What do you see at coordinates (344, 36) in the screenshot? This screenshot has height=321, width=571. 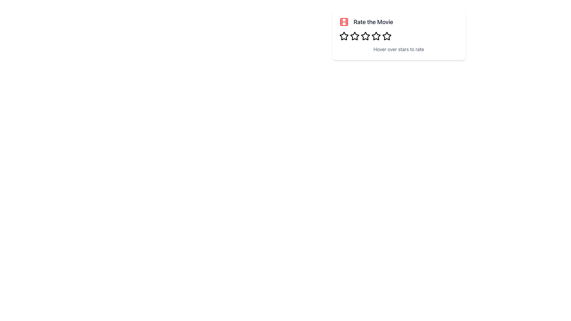 I see `the first star in the horizontal layout of rating stars to rate the movie` at bounding box center [344, 36].